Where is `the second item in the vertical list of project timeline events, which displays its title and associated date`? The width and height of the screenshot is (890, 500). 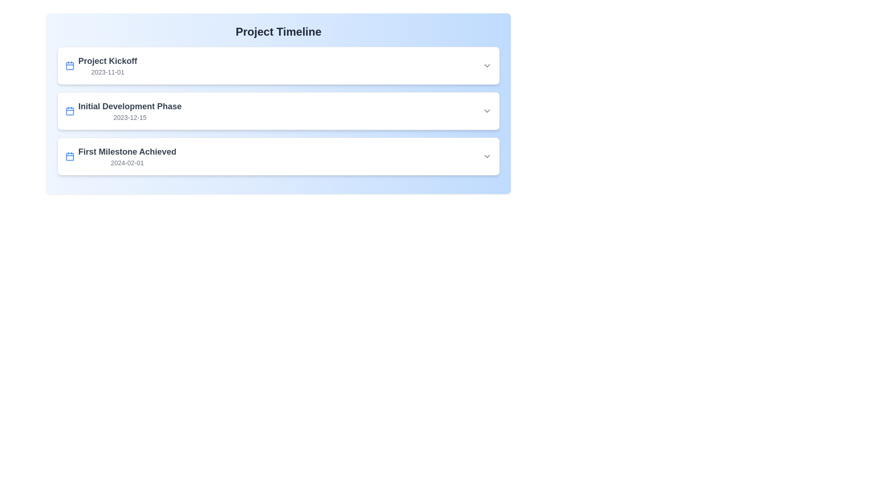
the second item in the vertical list of project timeline events, which displays its title and associated date is located at coordinates (123, 110).